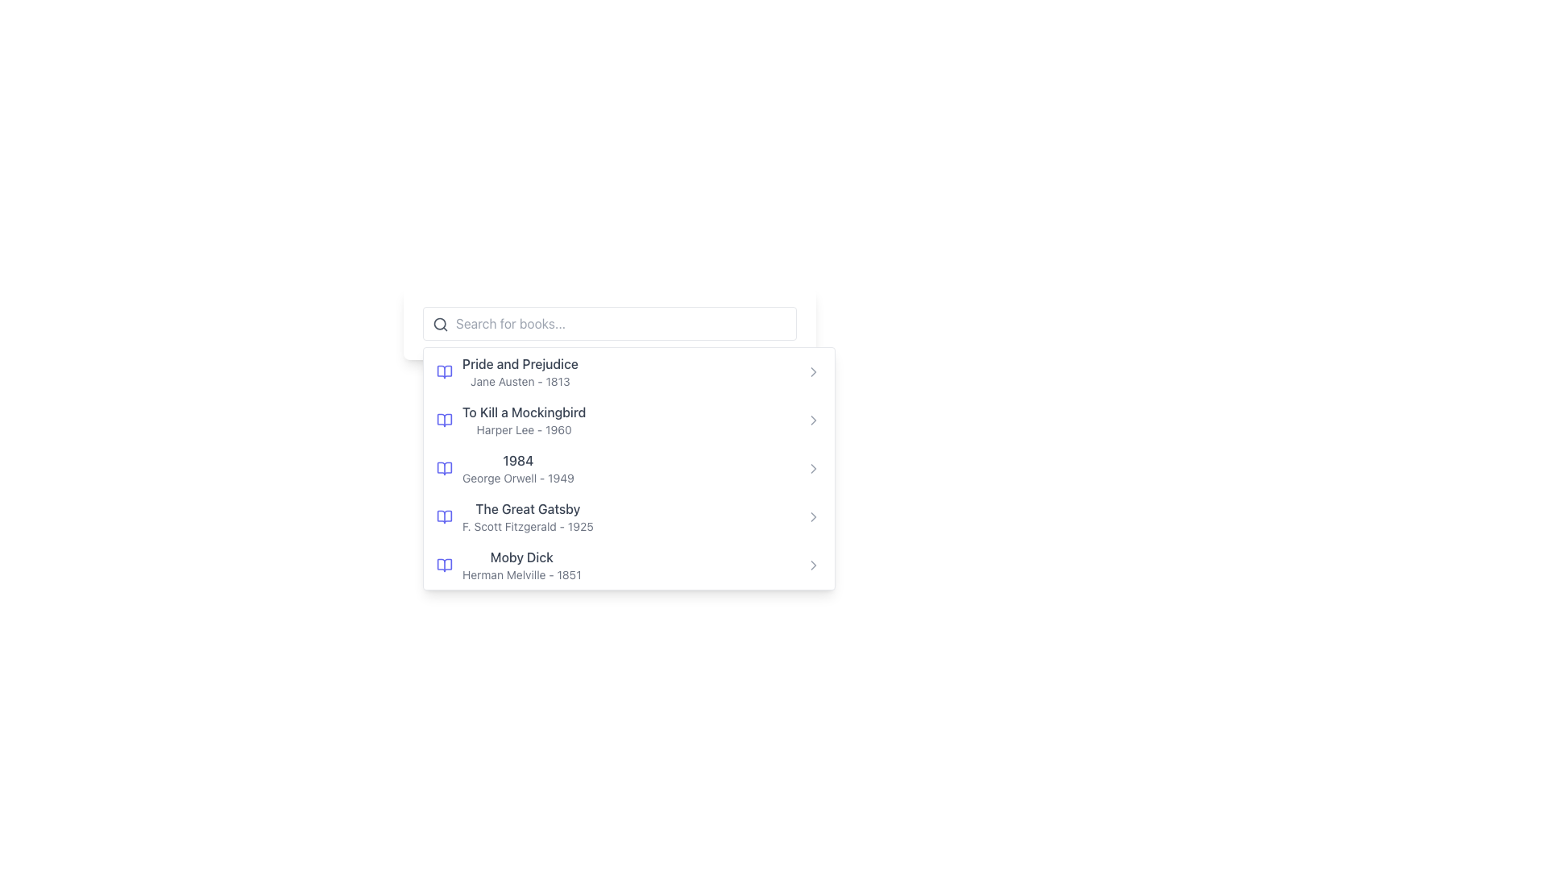  I want to click on the static text element displaying 'Herman Melville - 1851', which is located directly beneath the title 'Moby Dick' in a light gray, smaller font, so click(521, 574).